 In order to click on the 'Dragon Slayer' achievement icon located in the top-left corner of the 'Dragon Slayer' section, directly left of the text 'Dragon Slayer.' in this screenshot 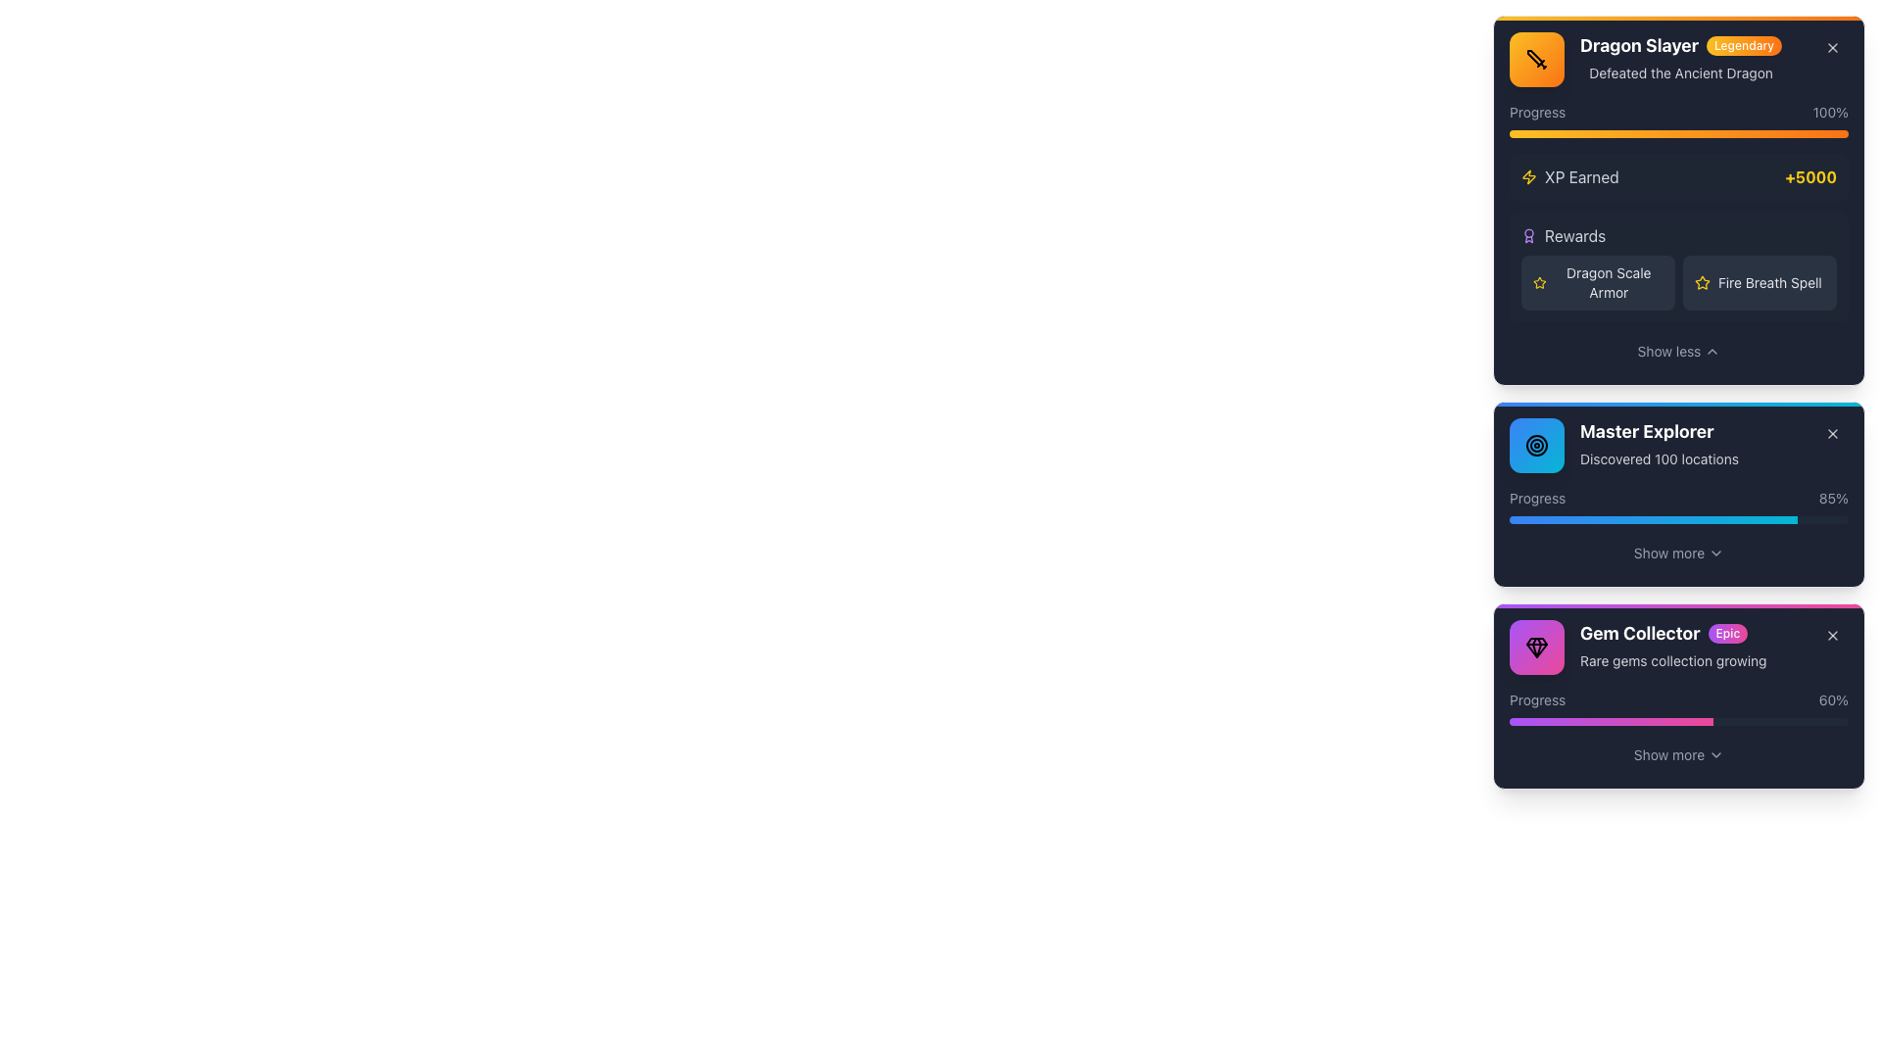, I will do `click(1536, 59)`.